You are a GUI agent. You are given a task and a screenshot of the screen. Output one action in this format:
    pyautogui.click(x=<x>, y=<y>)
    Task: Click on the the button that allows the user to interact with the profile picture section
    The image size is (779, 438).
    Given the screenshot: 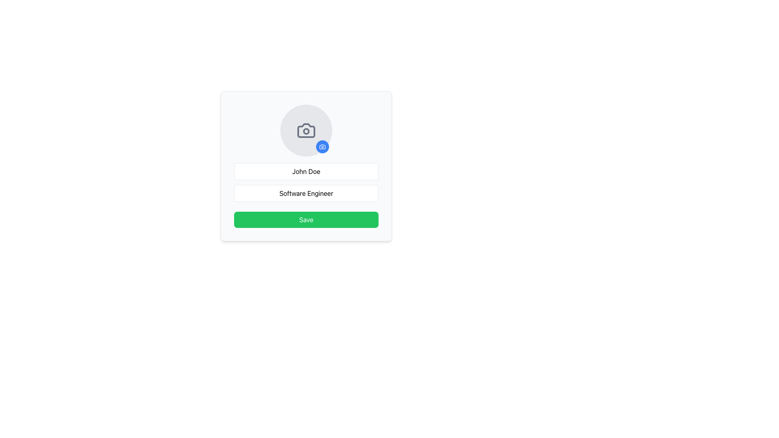 What is the action you would take?
    pyautogui.click(x=322, y=147)
    